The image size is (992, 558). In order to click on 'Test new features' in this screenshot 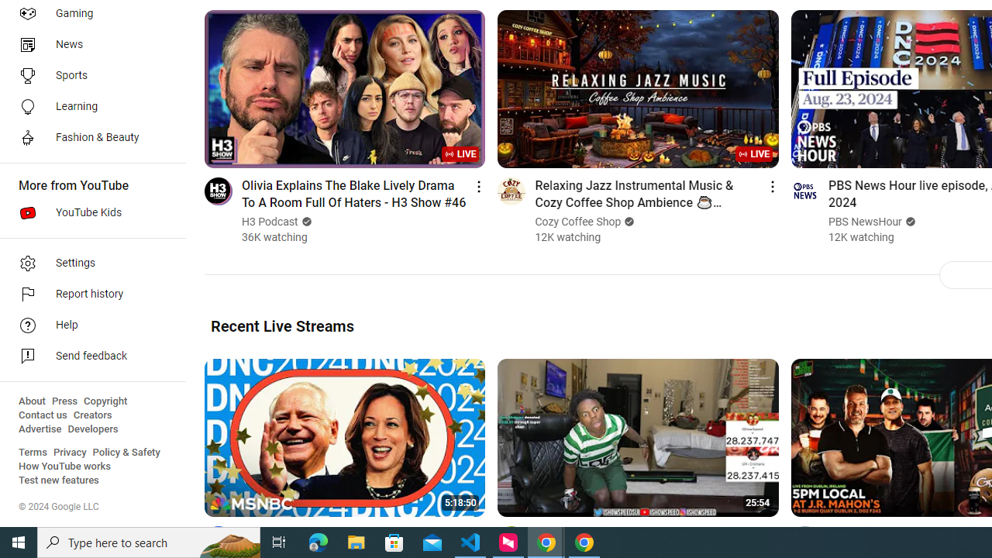, I will do `click(59, 480)`.